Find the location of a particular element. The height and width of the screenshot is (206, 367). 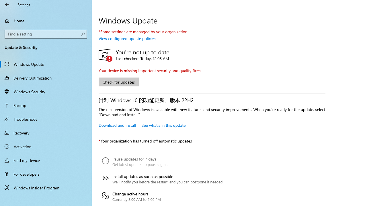

'Delivery Optimization' is located at coordinates (46, 78).